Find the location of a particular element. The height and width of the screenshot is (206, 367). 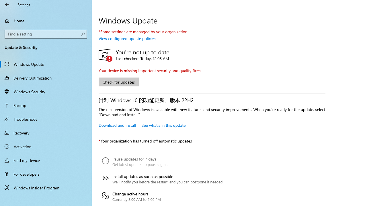

'Delivery Optimization' is located at coordinates (46, 78).